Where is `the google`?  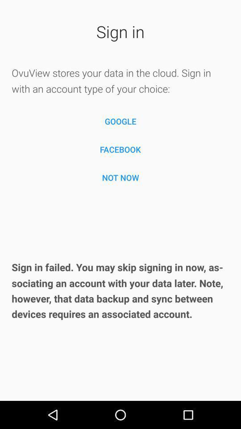 the google is located at coordinates (120, 121).